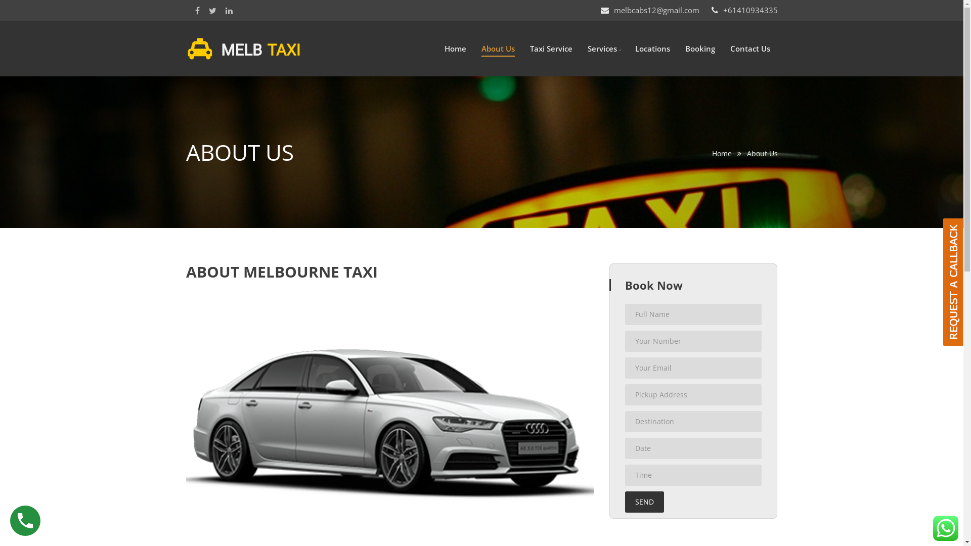 The height and width of the screenshot is (546, 971). Describe the element at coordinates (656, 10) in the screenshot. I see `'melbcabs12@gmail.com'` at that location.